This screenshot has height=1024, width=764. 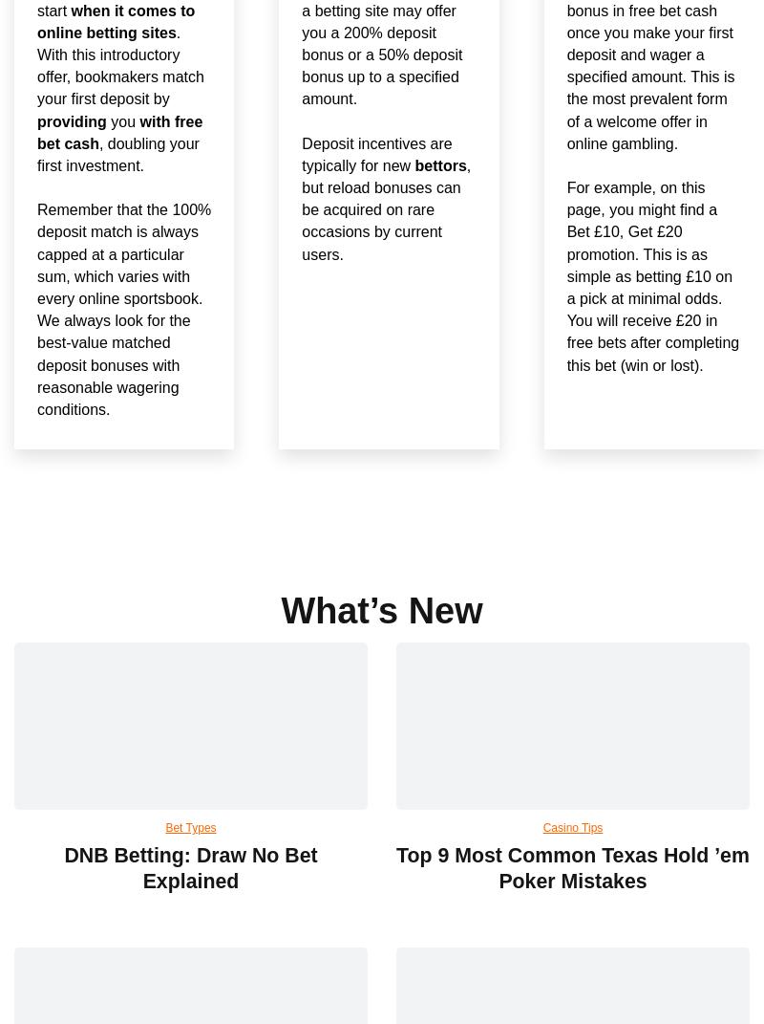 I want to click on 'What’s New', so click(x=380, y=608).